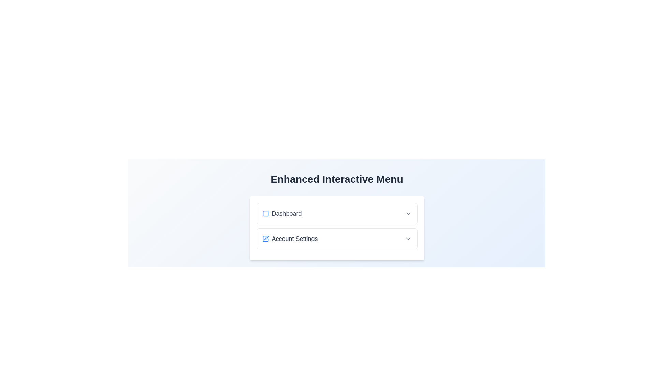 This screenshot has width=655, height=368. What do you see at coordinates (295, 239) in the screenshot?
I see `the 'Account Settings' text label, which is styled in a medium-weight, large gray font and positioned beneath the 'Dashboard' label in the main settings area` at bounding box center [295, 239].